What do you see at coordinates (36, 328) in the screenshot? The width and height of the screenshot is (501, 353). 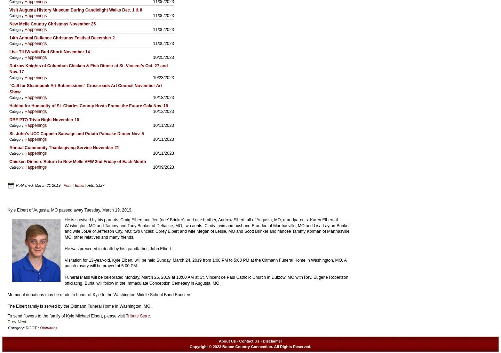 I see `'/'` at bounding box center [36, 328].